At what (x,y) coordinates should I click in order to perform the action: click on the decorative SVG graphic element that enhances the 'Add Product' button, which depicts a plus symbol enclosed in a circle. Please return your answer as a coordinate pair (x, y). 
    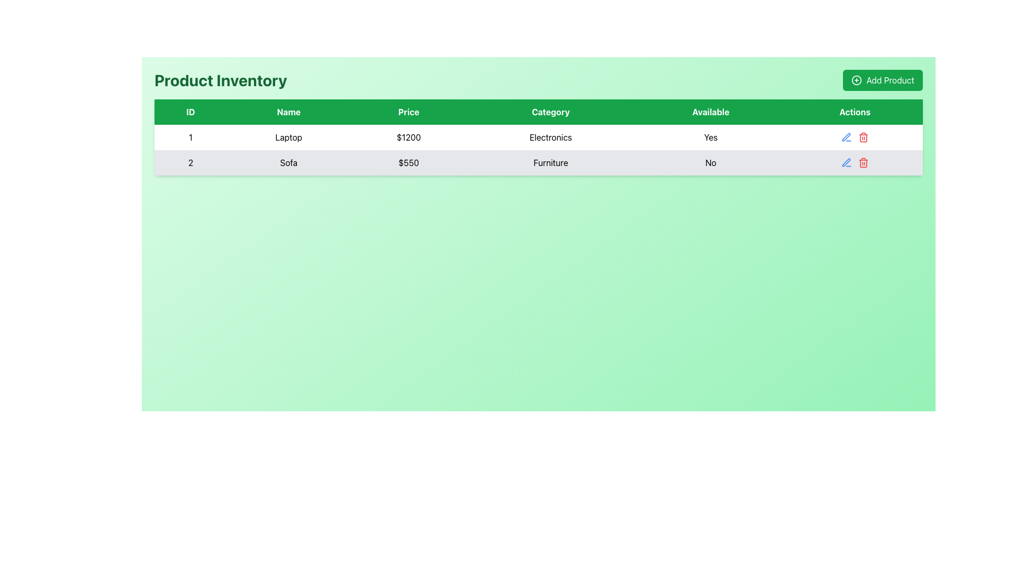
    Looking at the image, I should click on (857, 79).